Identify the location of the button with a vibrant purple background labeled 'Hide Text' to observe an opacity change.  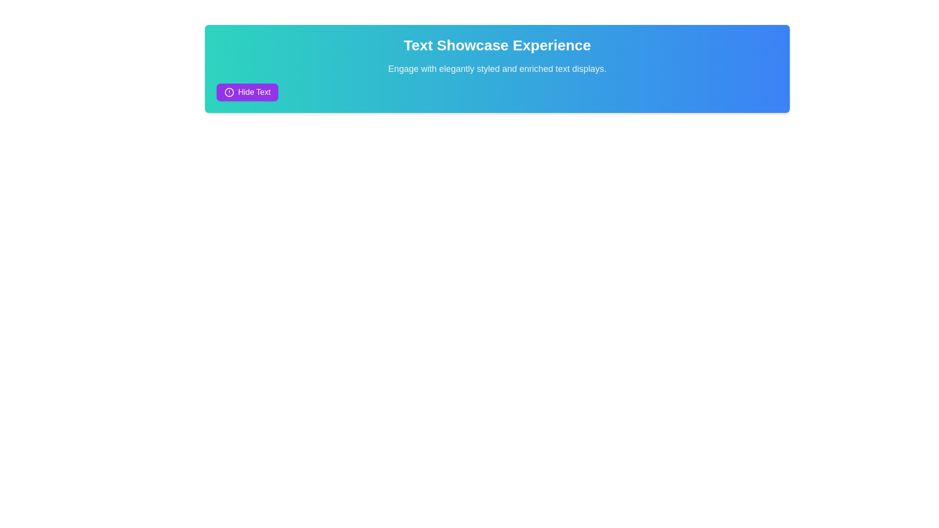
(247, 92).